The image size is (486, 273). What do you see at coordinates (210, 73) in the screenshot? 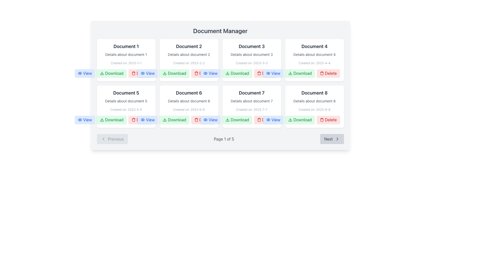
I see `the button that allows users to view details associated with the document, located in the first card's bottom area of the second row in a six-card grid layout` at bounding box center [210, 73].